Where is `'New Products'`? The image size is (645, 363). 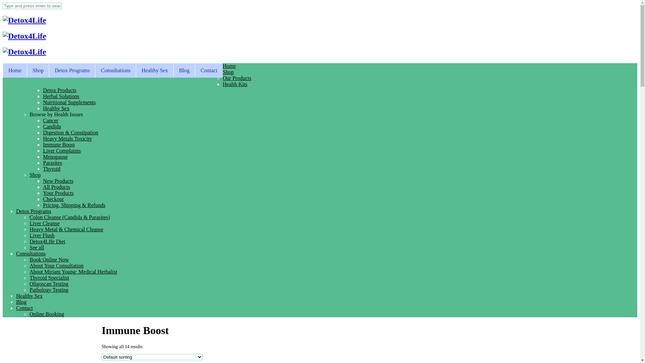 'New Products' is located at coordinates (58, 180).